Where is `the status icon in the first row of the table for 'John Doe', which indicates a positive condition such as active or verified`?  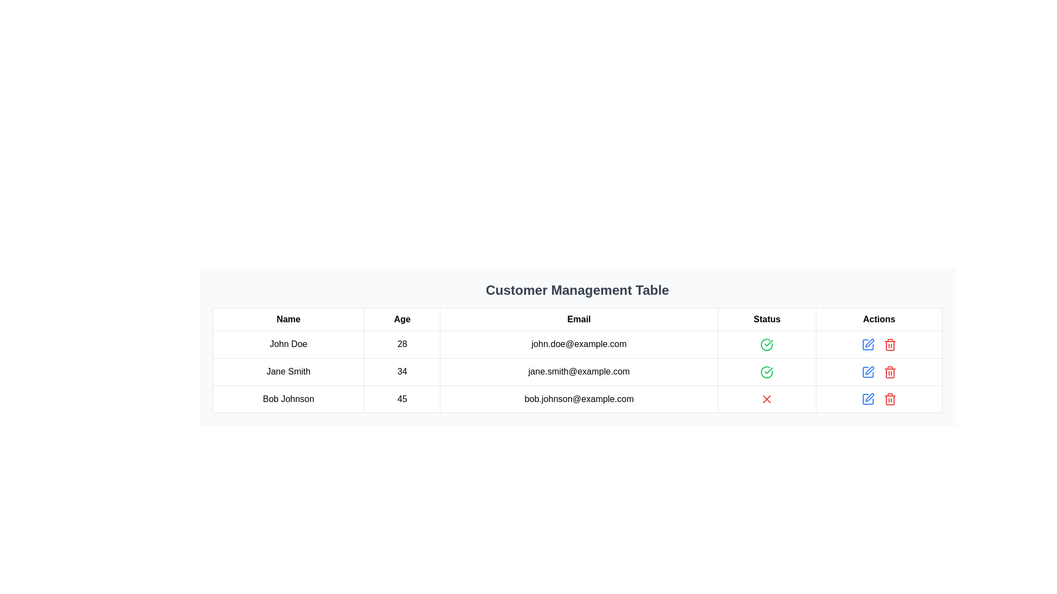 the status icon in the first row of the table for 'John Doe', which indicates a positive condition such as active or verified is located at coordinates (766, 344).